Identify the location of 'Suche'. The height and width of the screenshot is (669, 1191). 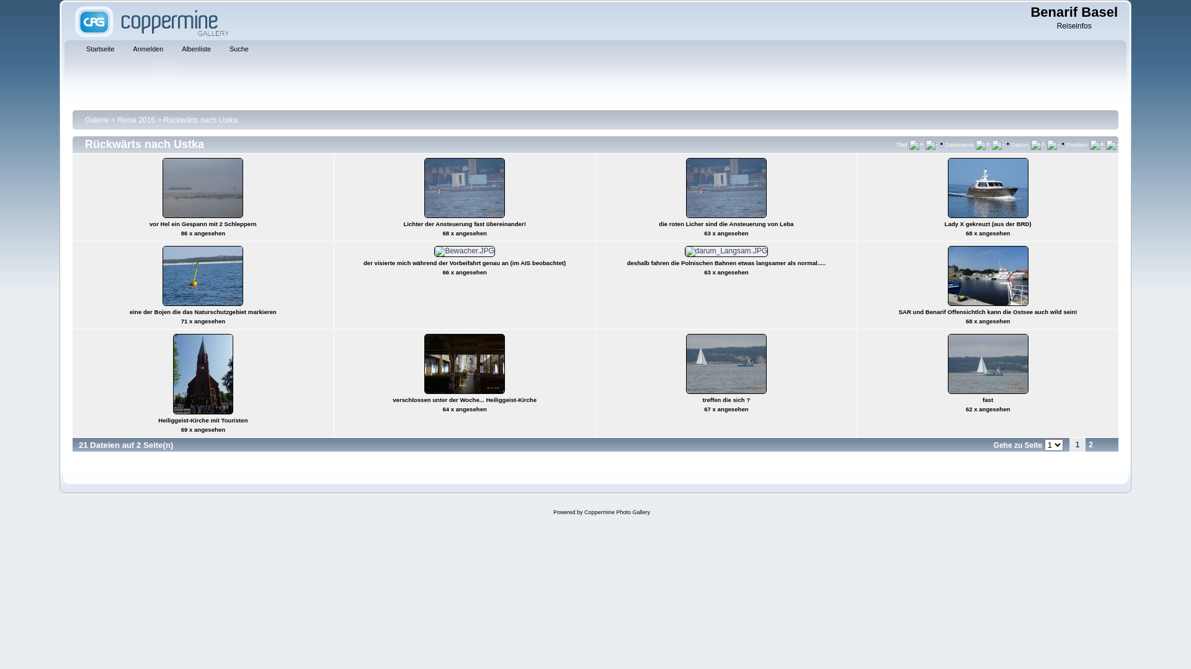
(219, 50).